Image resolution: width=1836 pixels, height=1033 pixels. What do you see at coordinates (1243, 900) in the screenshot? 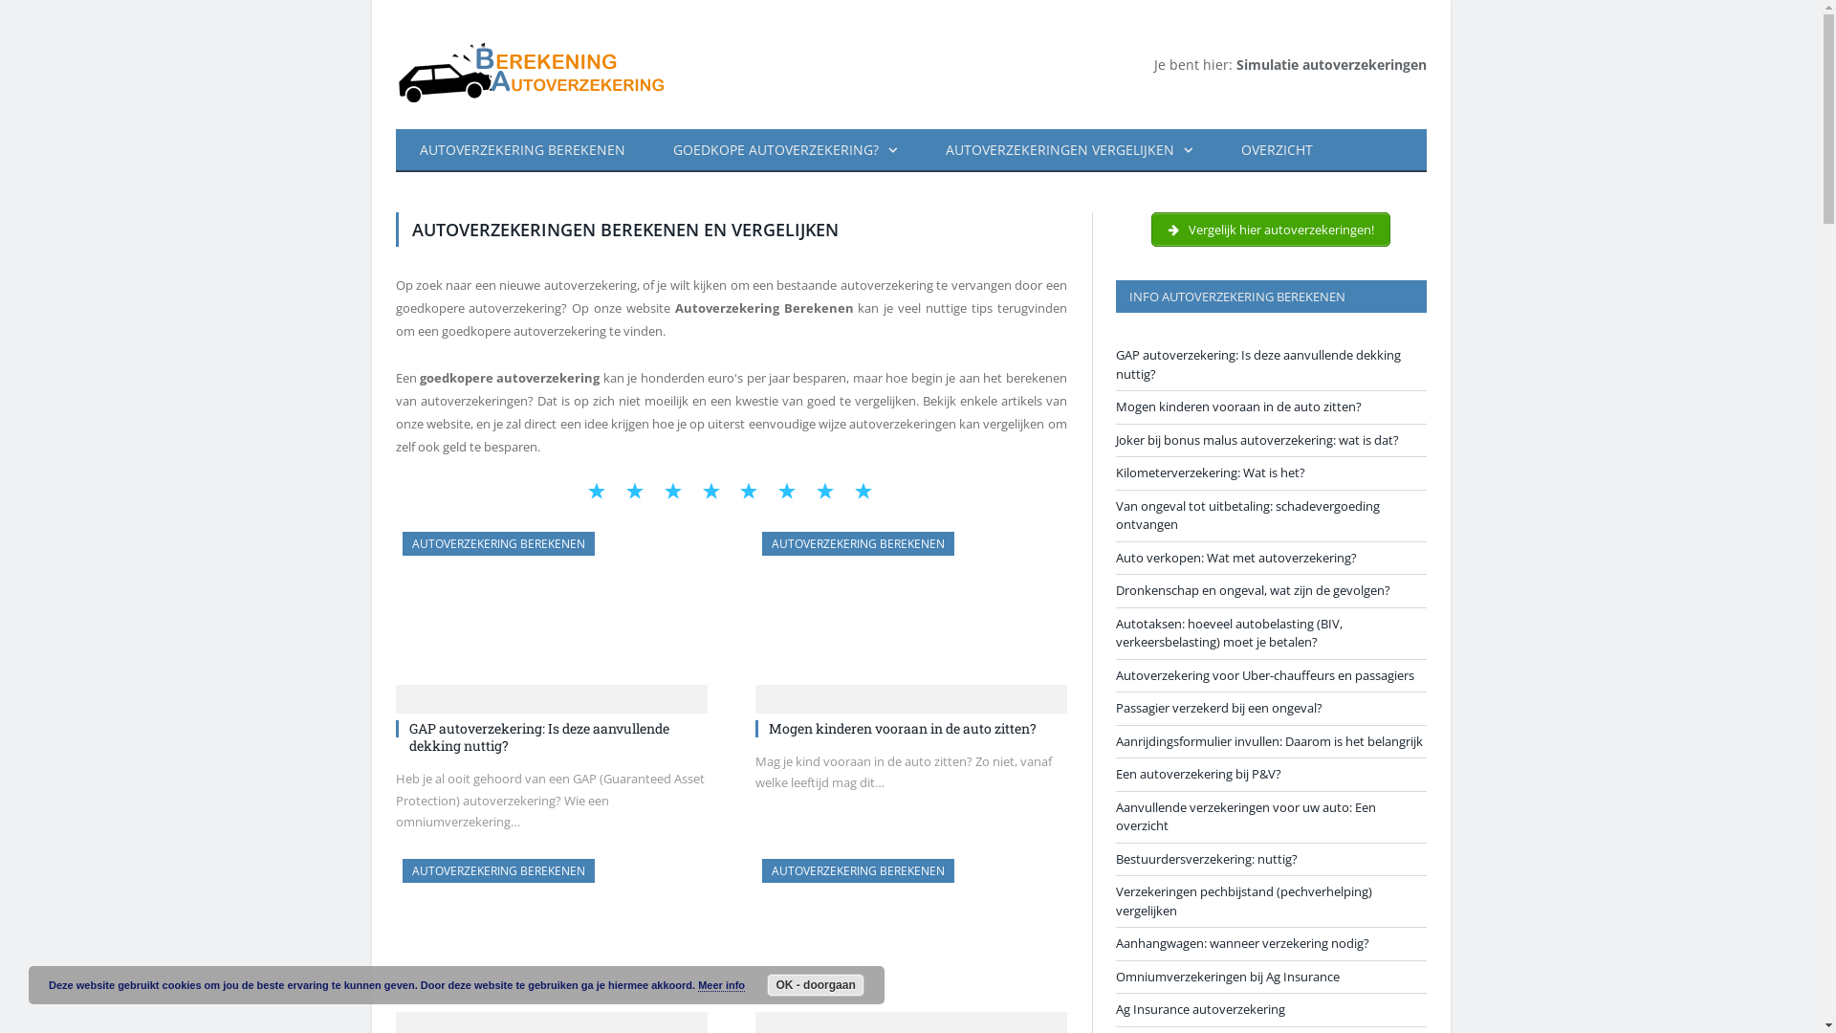
I see `'Verzekeringen pechbijstand (pechverhelping) vergelijken'` at bounding box center [1243, 900].